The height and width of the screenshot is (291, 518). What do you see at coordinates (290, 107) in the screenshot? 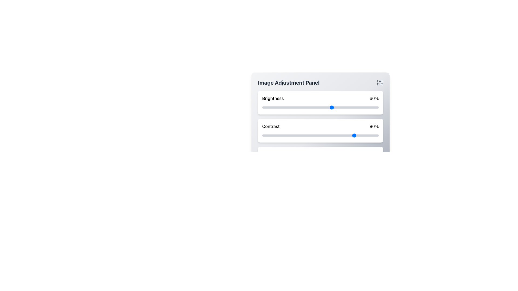
I see `brightness` at bounding box center [290, 107].